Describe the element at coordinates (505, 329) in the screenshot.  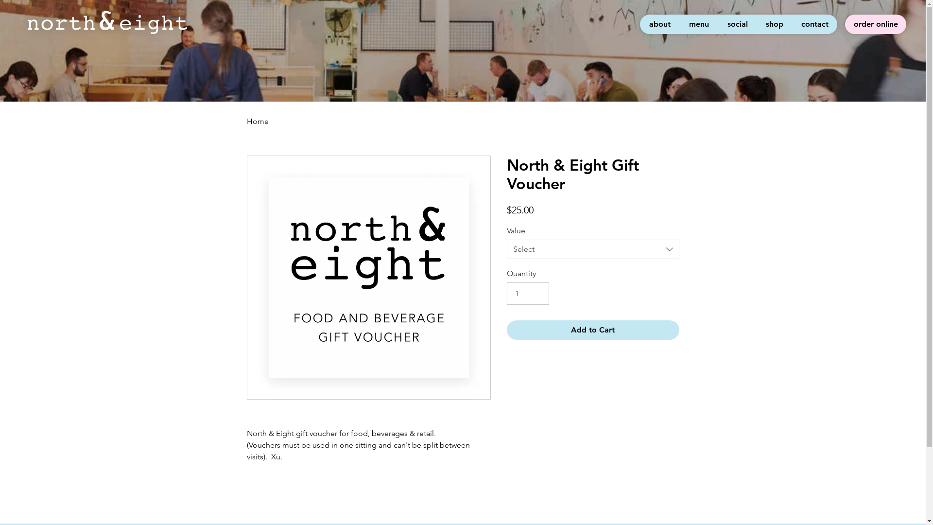
I see `'Add to Cart'` at that location.